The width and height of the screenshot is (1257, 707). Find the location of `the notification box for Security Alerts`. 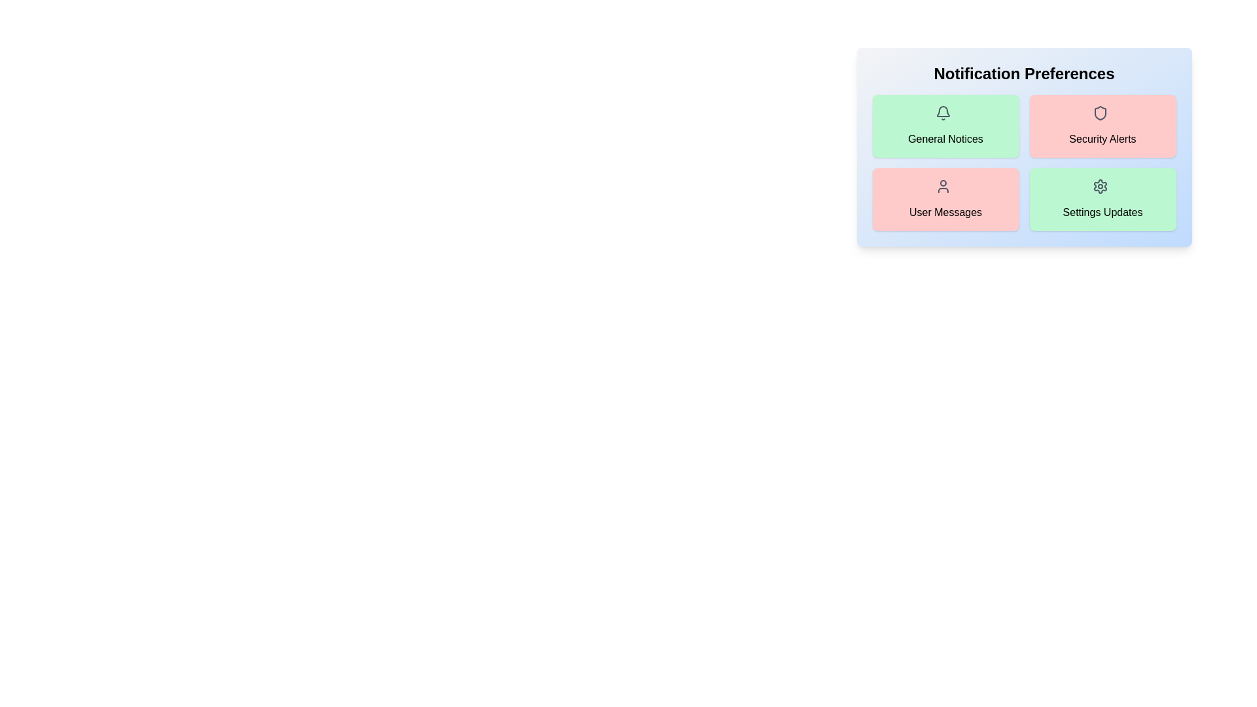

the notification box for Security Alerts is located at coordinates (1102, 126).